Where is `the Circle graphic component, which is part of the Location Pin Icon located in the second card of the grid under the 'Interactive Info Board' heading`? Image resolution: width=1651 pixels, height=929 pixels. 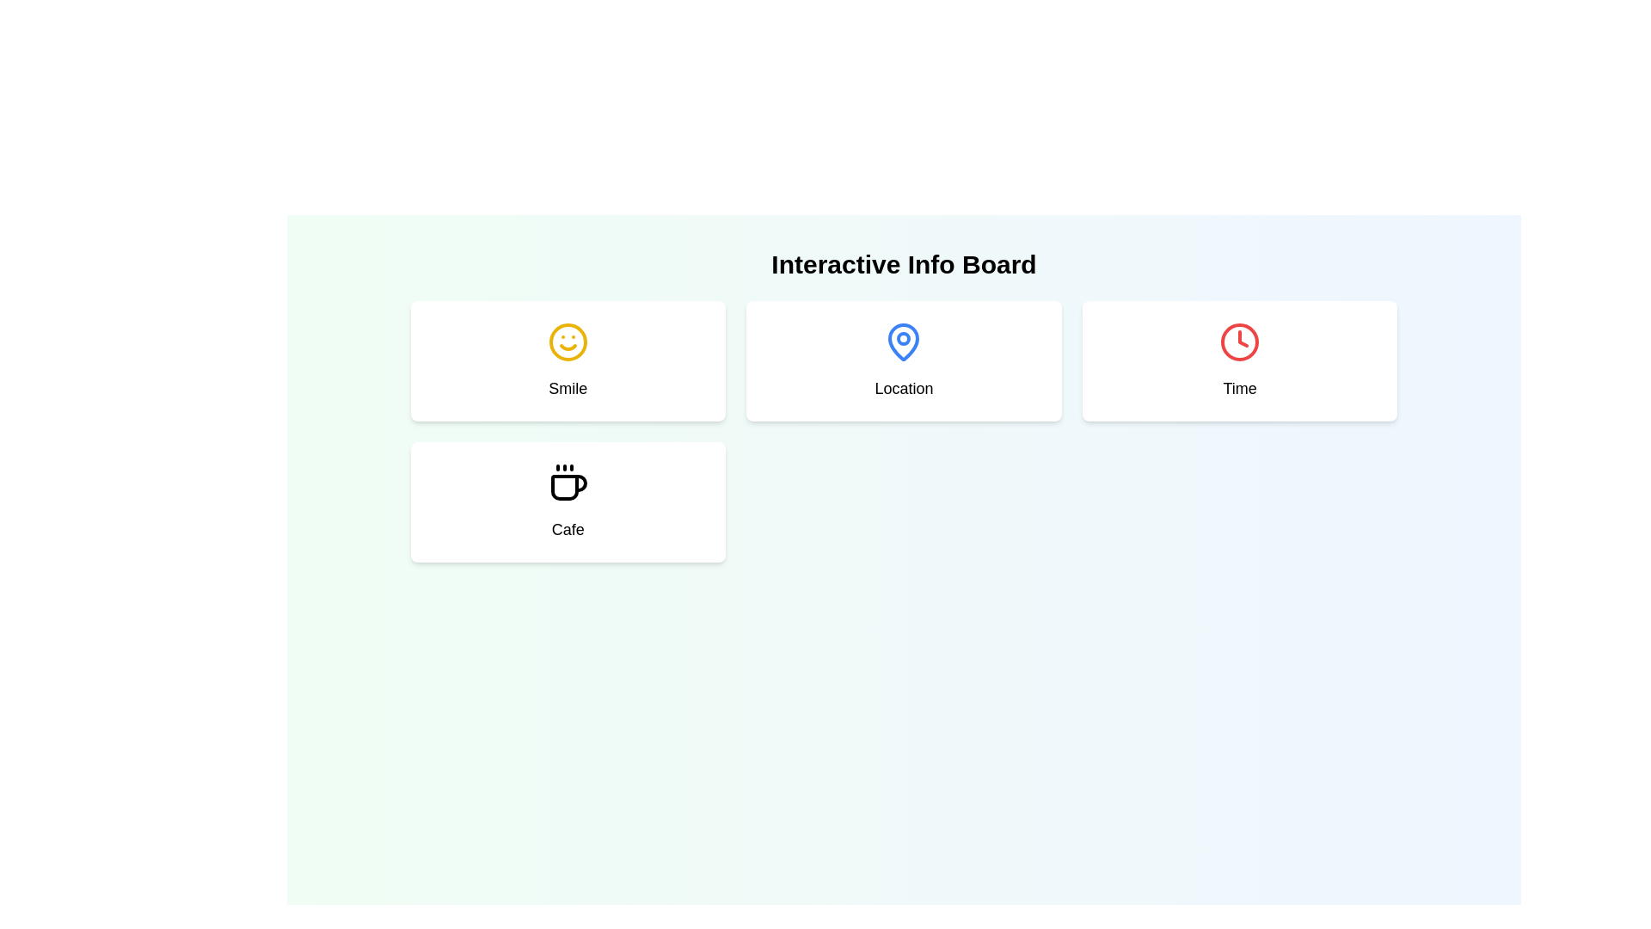 the Circle graphic component, which is part of the Location Pin Icon located in the second card of the grid under the 'Interactive Info Board' heading is located at coordinates (903, 338).